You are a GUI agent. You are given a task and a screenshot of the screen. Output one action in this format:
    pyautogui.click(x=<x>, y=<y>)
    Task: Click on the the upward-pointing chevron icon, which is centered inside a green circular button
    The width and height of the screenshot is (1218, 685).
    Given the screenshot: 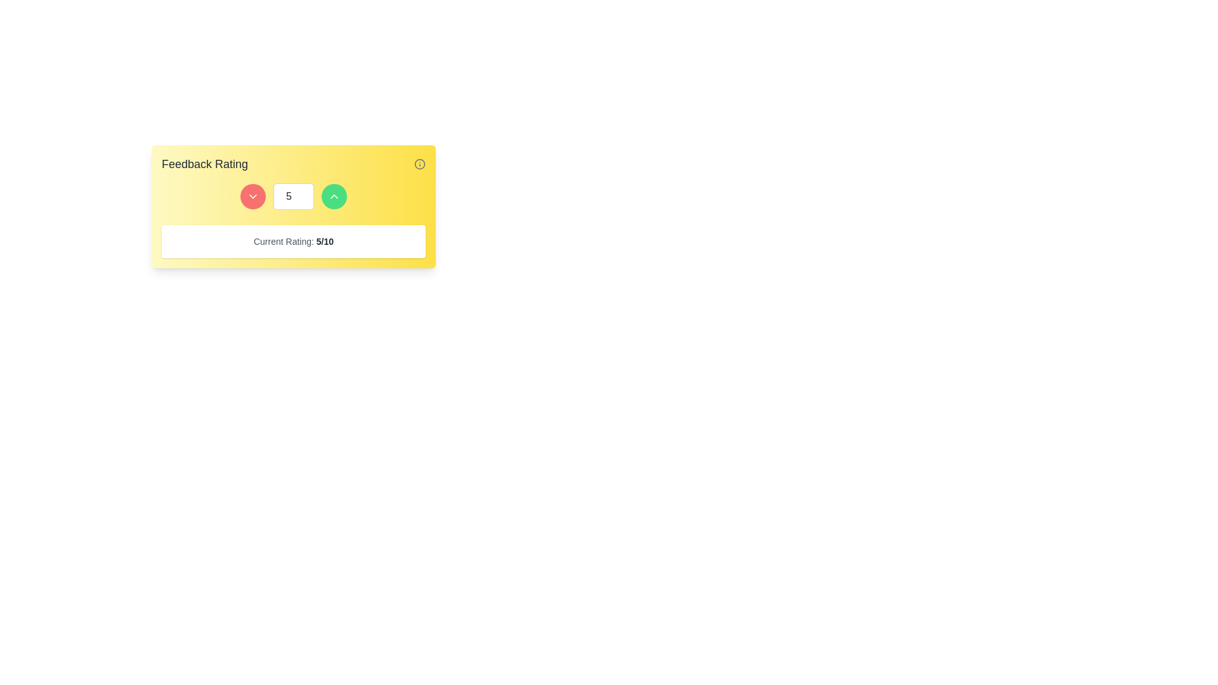 What is the action you would take?
    pyautogui.click(x=334, y=196)
    